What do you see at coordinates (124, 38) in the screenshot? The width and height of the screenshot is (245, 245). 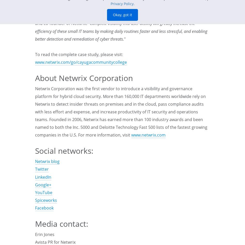 I see `'"'` at bounding box center [124, 38].